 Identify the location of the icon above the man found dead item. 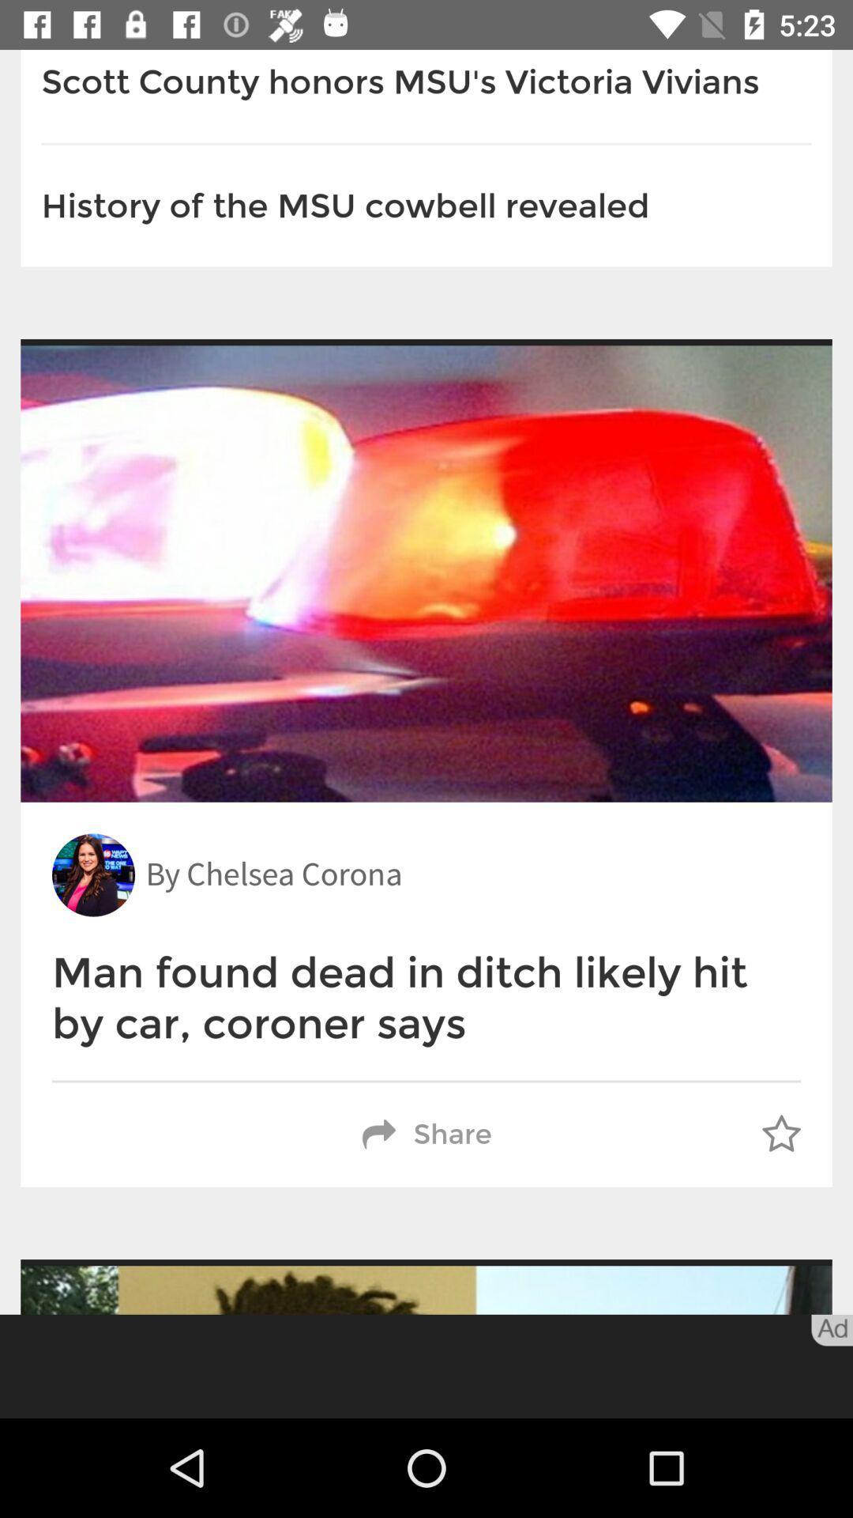
(93, 874).